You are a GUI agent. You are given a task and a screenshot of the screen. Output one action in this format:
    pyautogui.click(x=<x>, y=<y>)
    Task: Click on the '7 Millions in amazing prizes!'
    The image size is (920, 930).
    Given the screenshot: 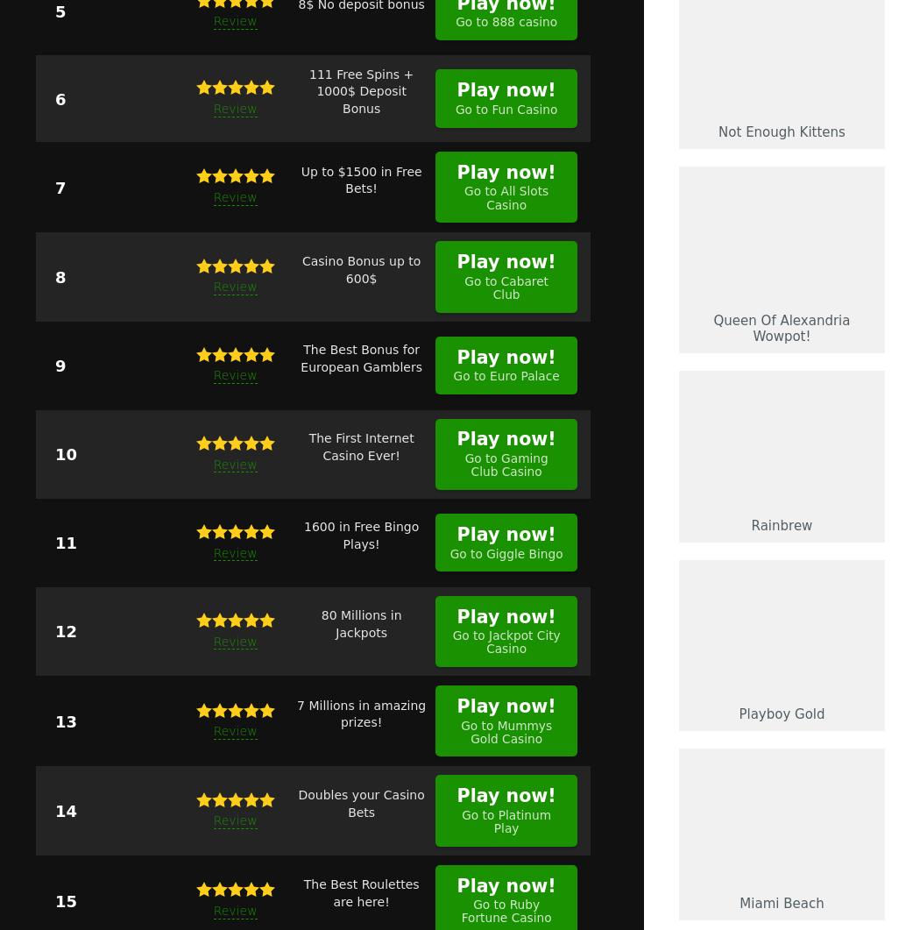 What is the action you would take?
    pyautogui.click(x=361, y=713)
    